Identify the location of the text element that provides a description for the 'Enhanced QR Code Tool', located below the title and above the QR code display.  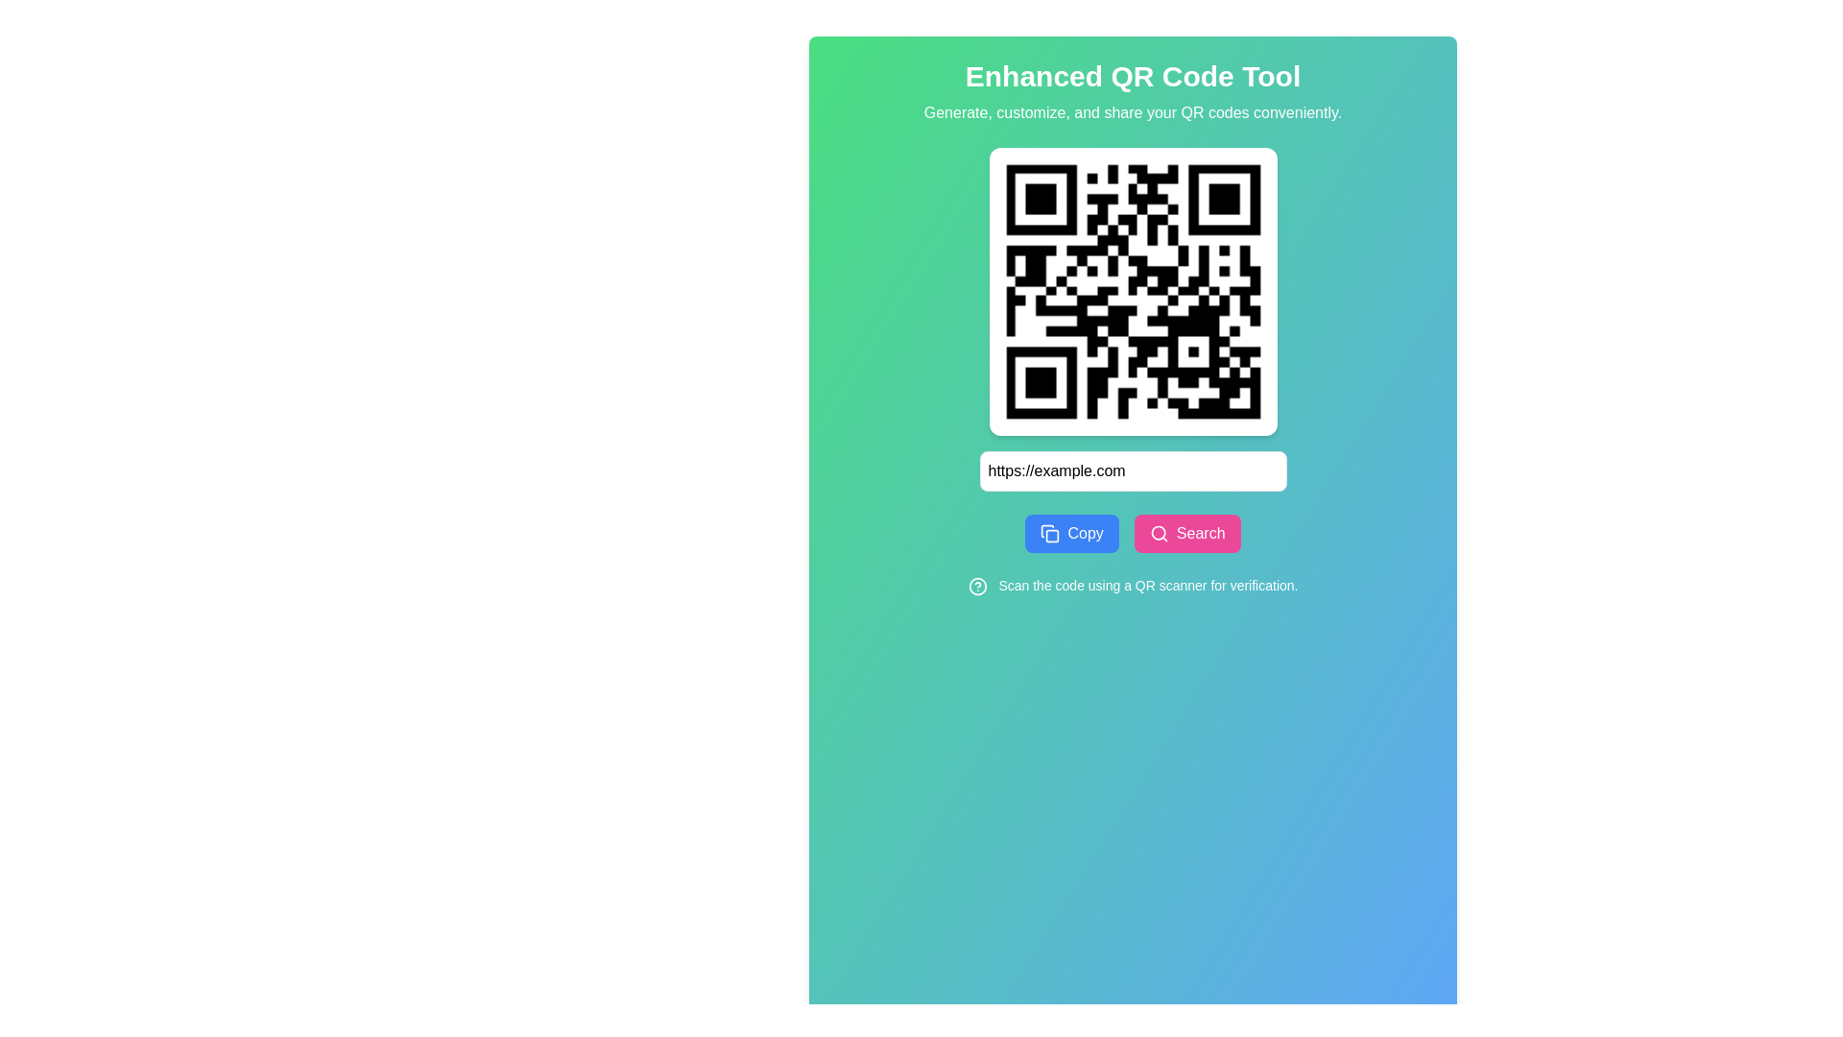
(1133, 113).